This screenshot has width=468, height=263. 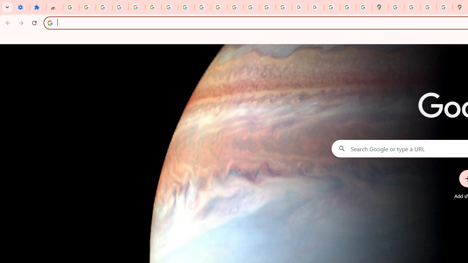 What do you see at coordinates (186, 7) in the screenshot?
I see `'Google Account'` at bounding box center [186, 7].